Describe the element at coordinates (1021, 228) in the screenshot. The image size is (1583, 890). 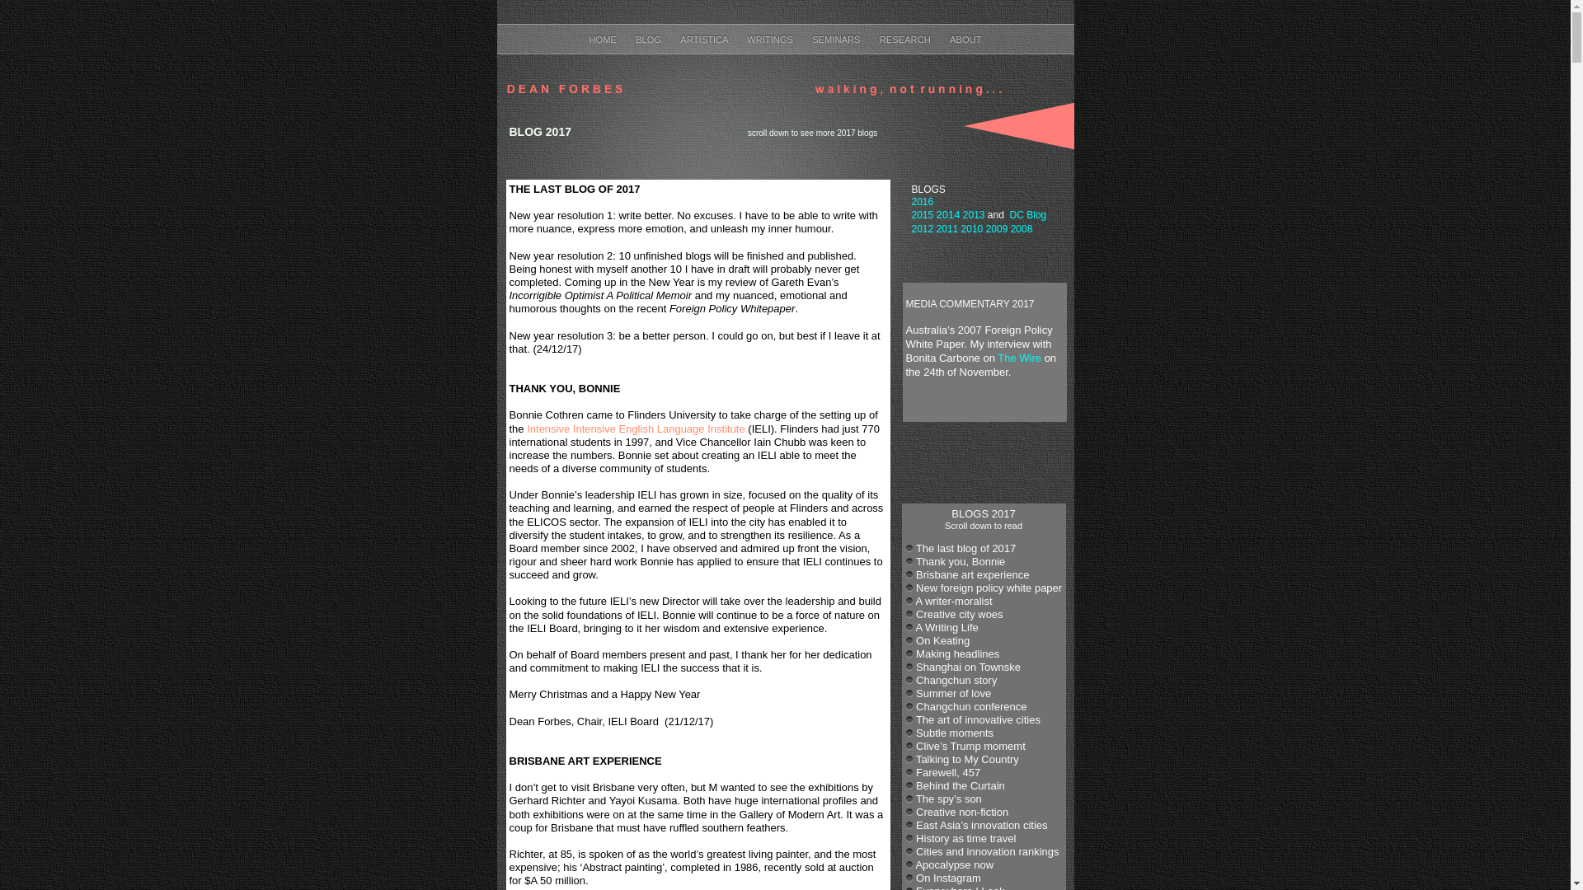
I see `'2008'` at that location.